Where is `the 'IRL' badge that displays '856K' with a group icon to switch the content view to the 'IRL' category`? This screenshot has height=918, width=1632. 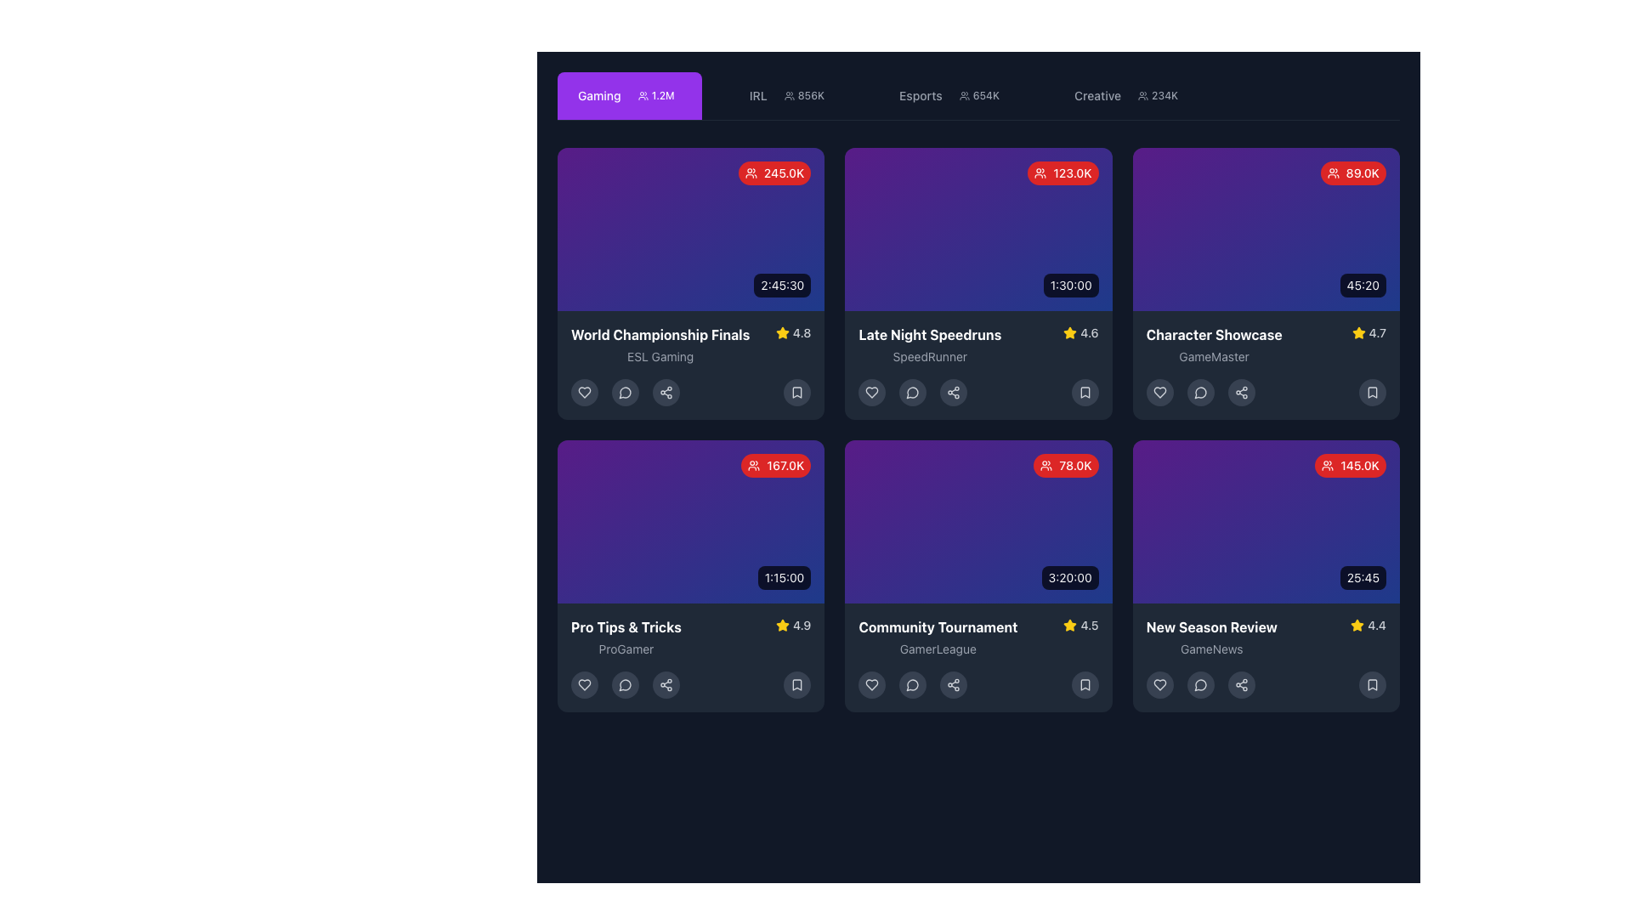 the 'IRL' badge that displays '856K' with a group icon to switch the content view to the 'IRL' category is located at coordinates (803, 95).